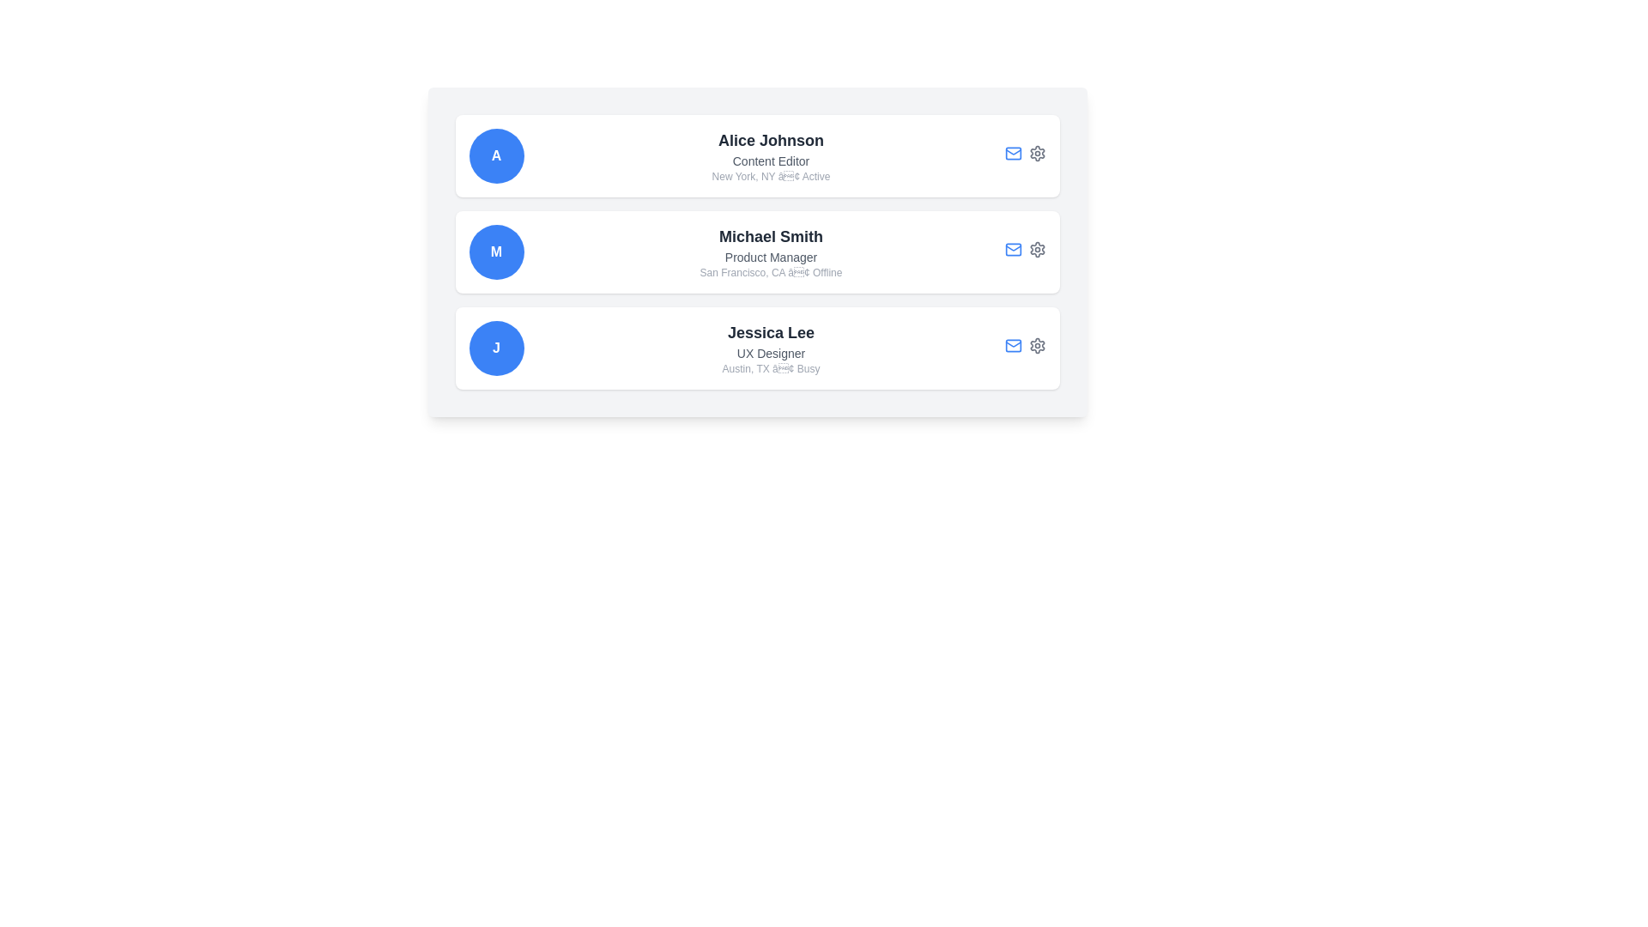 This screenshot has width=1648, height=927. Describe the element at coordinates (1036, 249) in the screenshot. I see `the gear icon located in the middle profile card` at that location.